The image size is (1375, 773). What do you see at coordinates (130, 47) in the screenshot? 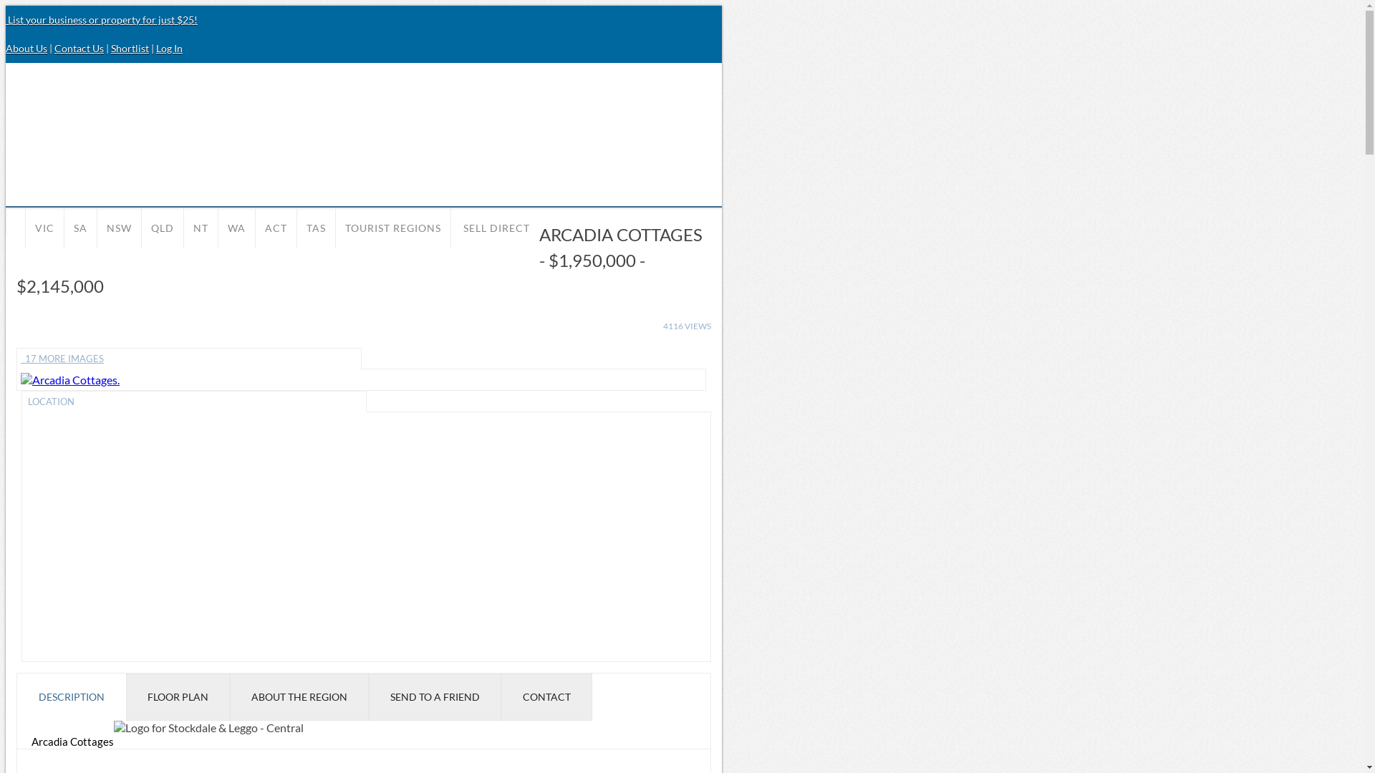
I see `'Shortlist'` at bounding box center [130, 47].